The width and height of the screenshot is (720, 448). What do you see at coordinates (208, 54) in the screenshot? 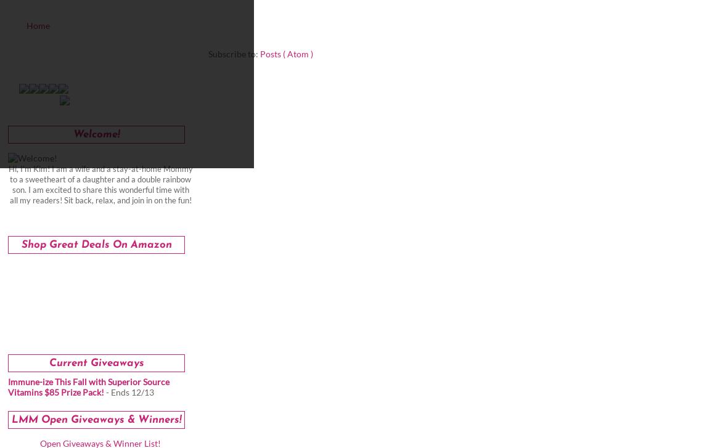
I see `'Subscribe to:'` at bounding box center [208, 54].